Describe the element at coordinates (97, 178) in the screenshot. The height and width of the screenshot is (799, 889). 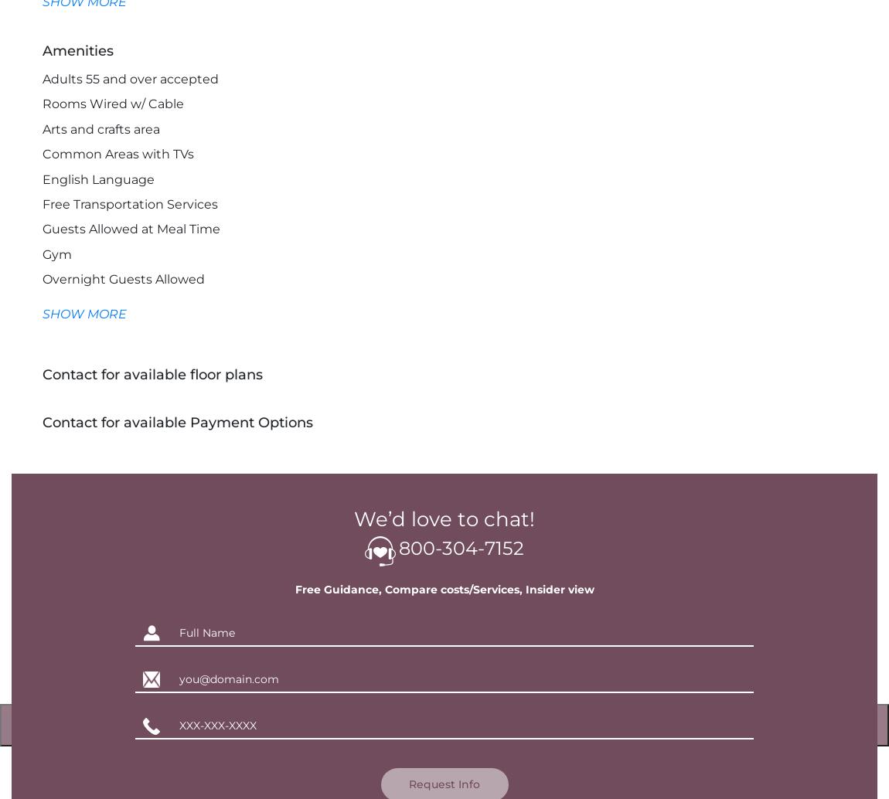
I see `'English Language'` at that location.